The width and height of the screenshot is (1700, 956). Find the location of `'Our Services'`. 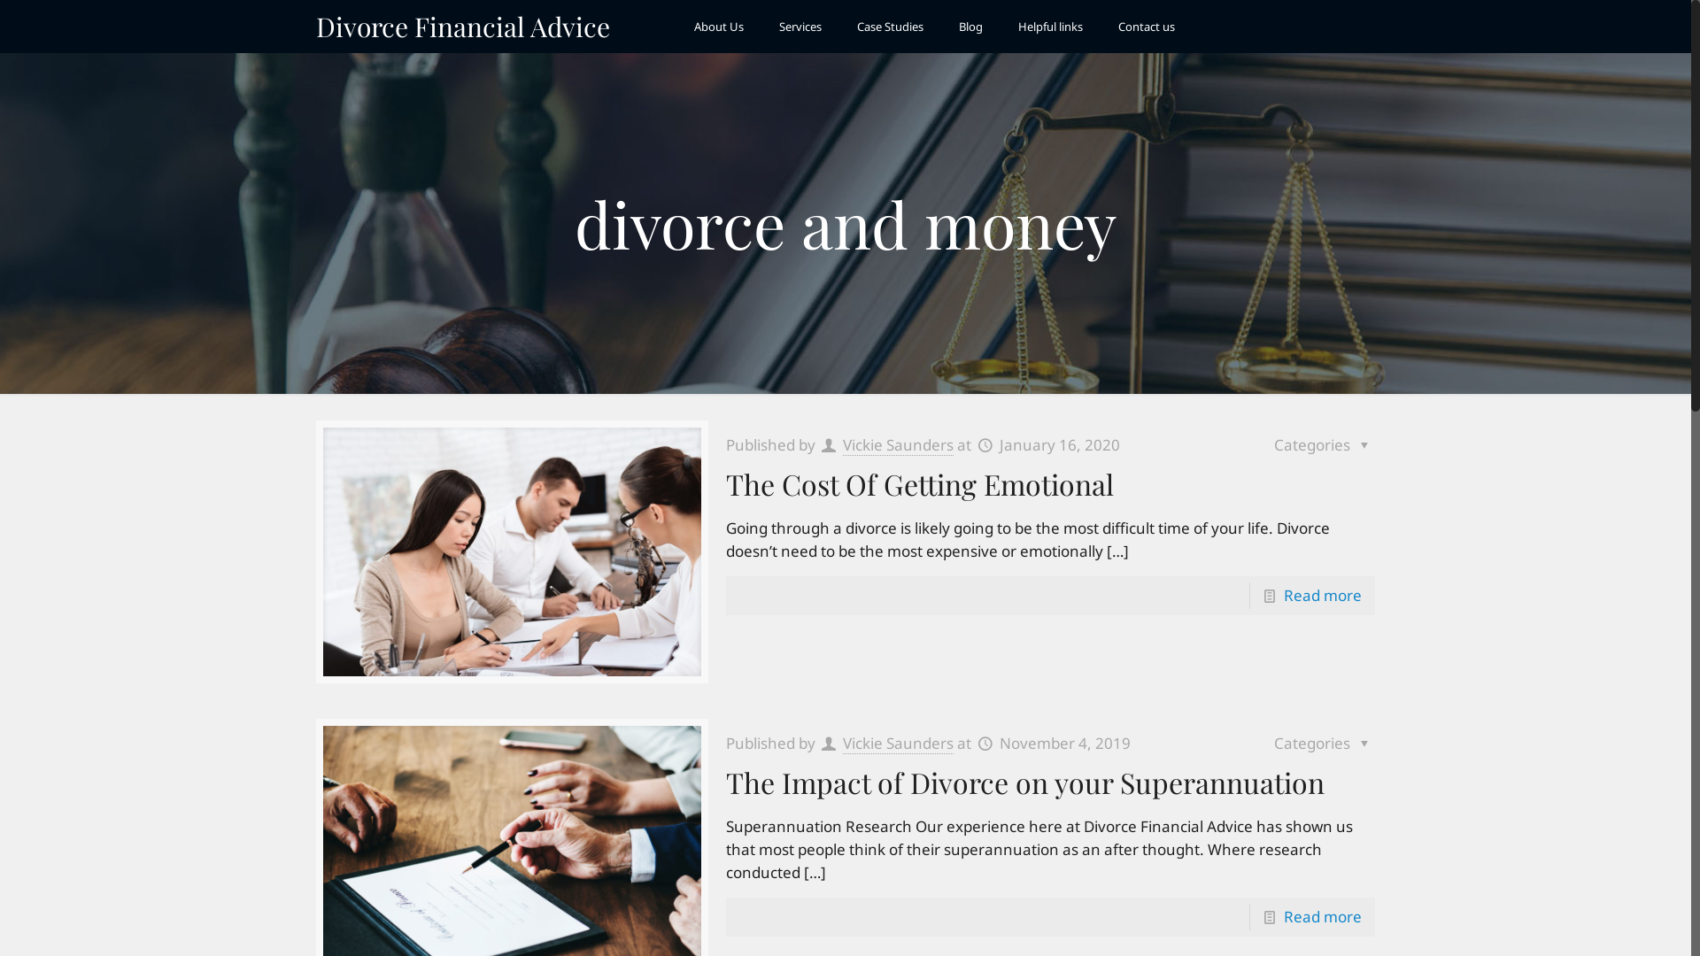

'Our Services' is located at coordinates (652, 731).